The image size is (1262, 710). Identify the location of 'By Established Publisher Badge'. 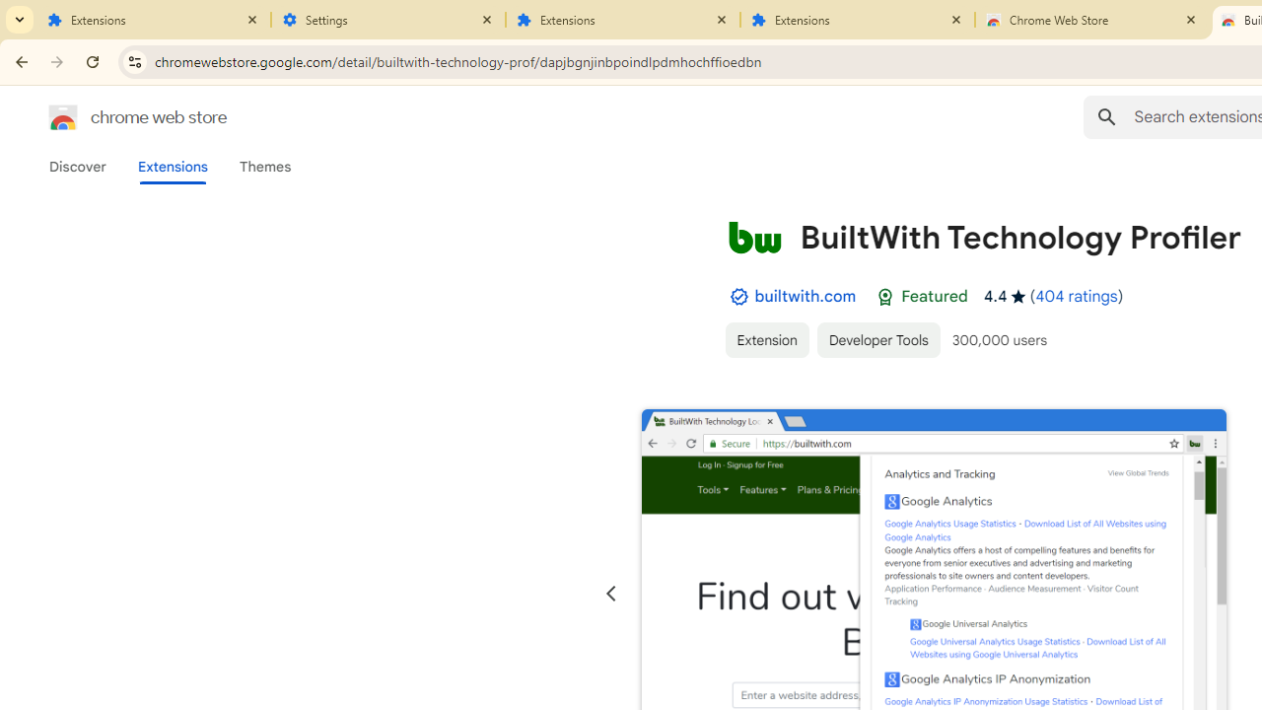
(737, 297).